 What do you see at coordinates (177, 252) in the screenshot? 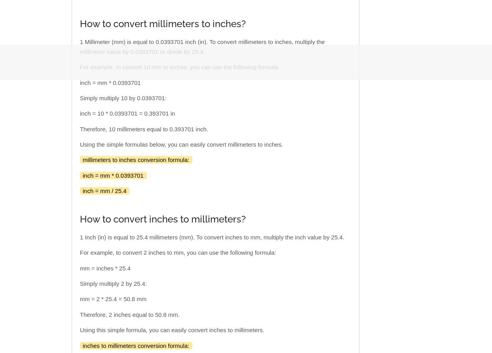
I see `'For example, to convert 2 inches to mm, you can use the following formula:'` at bounding box center [177, 252].